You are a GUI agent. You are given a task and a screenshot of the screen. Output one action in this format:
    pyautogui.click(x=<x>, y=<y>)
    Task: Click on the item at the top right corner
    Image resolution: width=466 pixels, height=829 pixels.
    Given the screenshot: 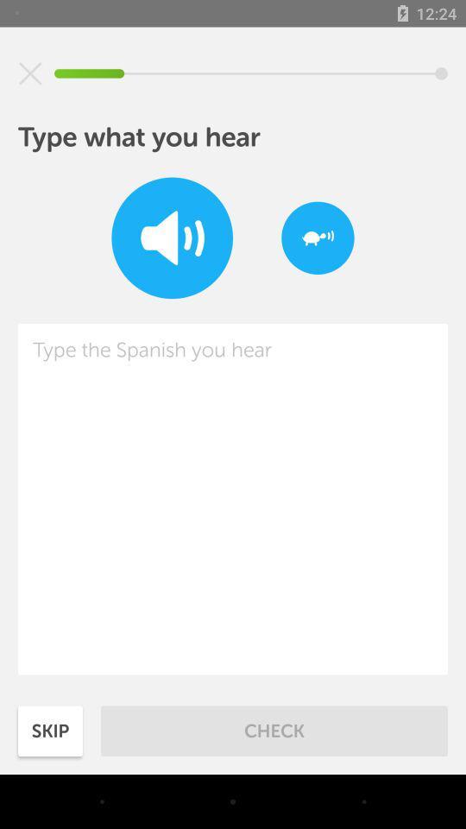 What is the action you would take?
    pyautogui.click(x=317, y=237)
    